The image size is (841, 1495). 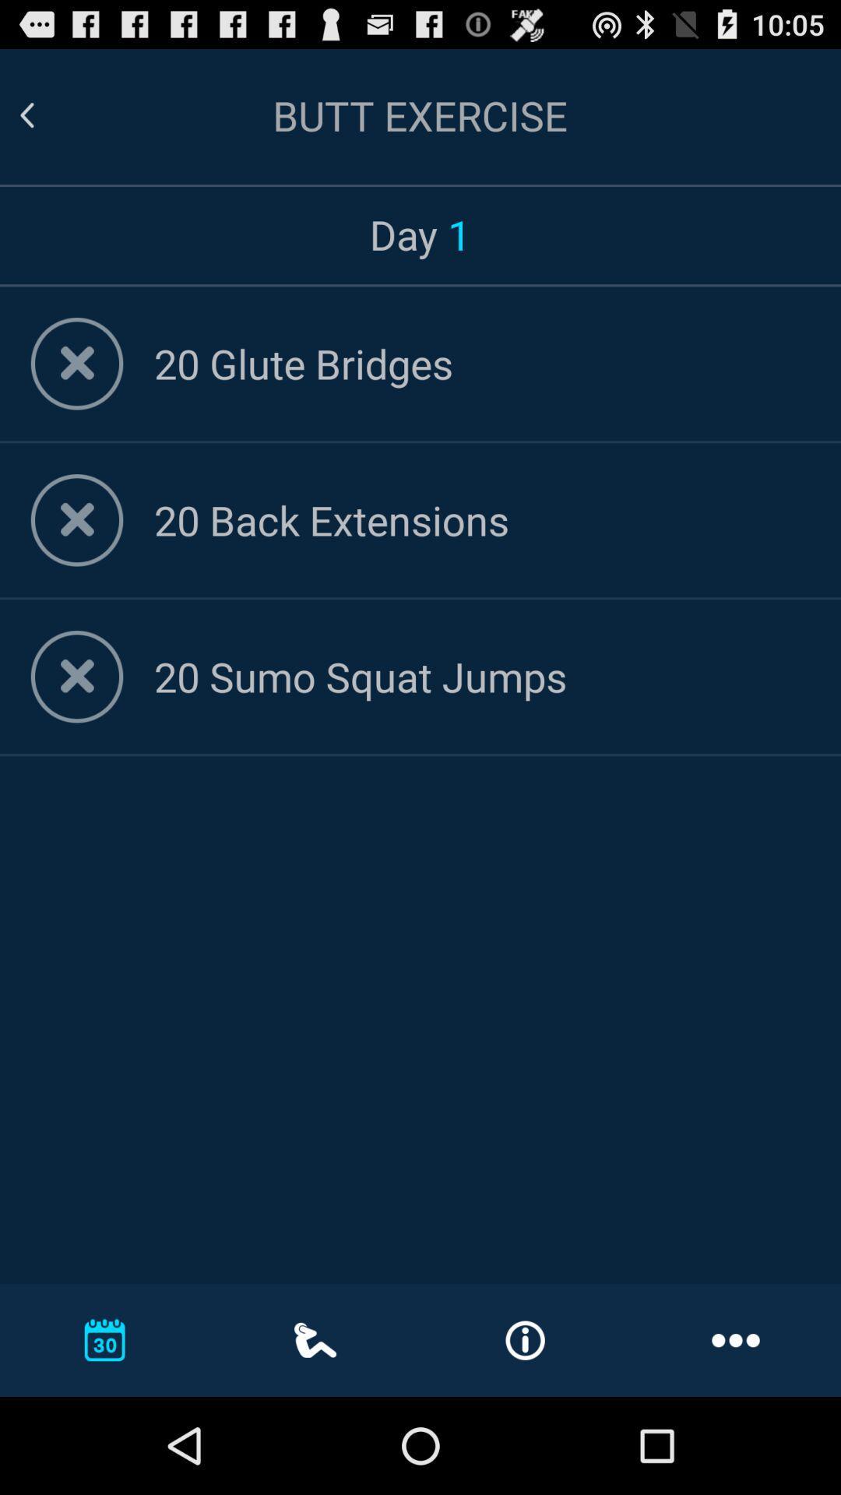 What do you see at coordinates (481, 676) in the screenshot?
I see `the 20 sumo squat icon` at bounding box center [481, 676].